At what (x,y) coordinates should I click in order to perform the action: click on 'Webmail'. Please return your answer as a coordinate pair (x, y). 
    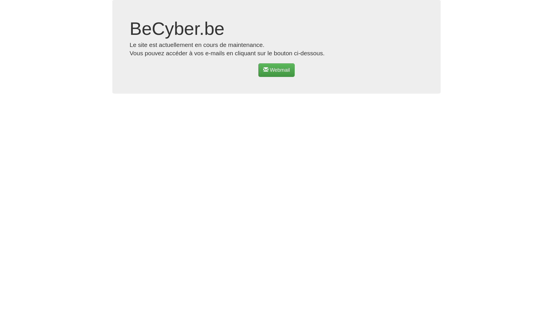
    Looking at the image, I should click on (276, 70).